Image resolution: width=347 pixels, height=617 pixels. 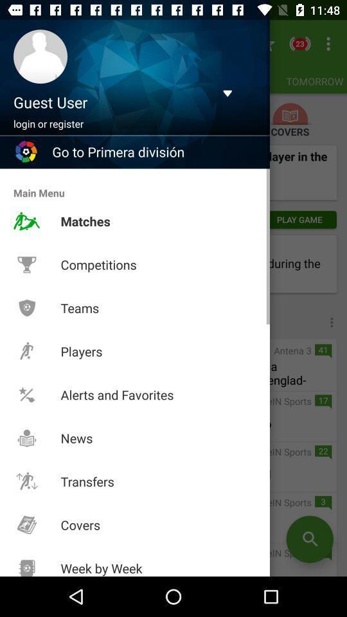 I want to click on the search icon, so click(x=309, y=539).